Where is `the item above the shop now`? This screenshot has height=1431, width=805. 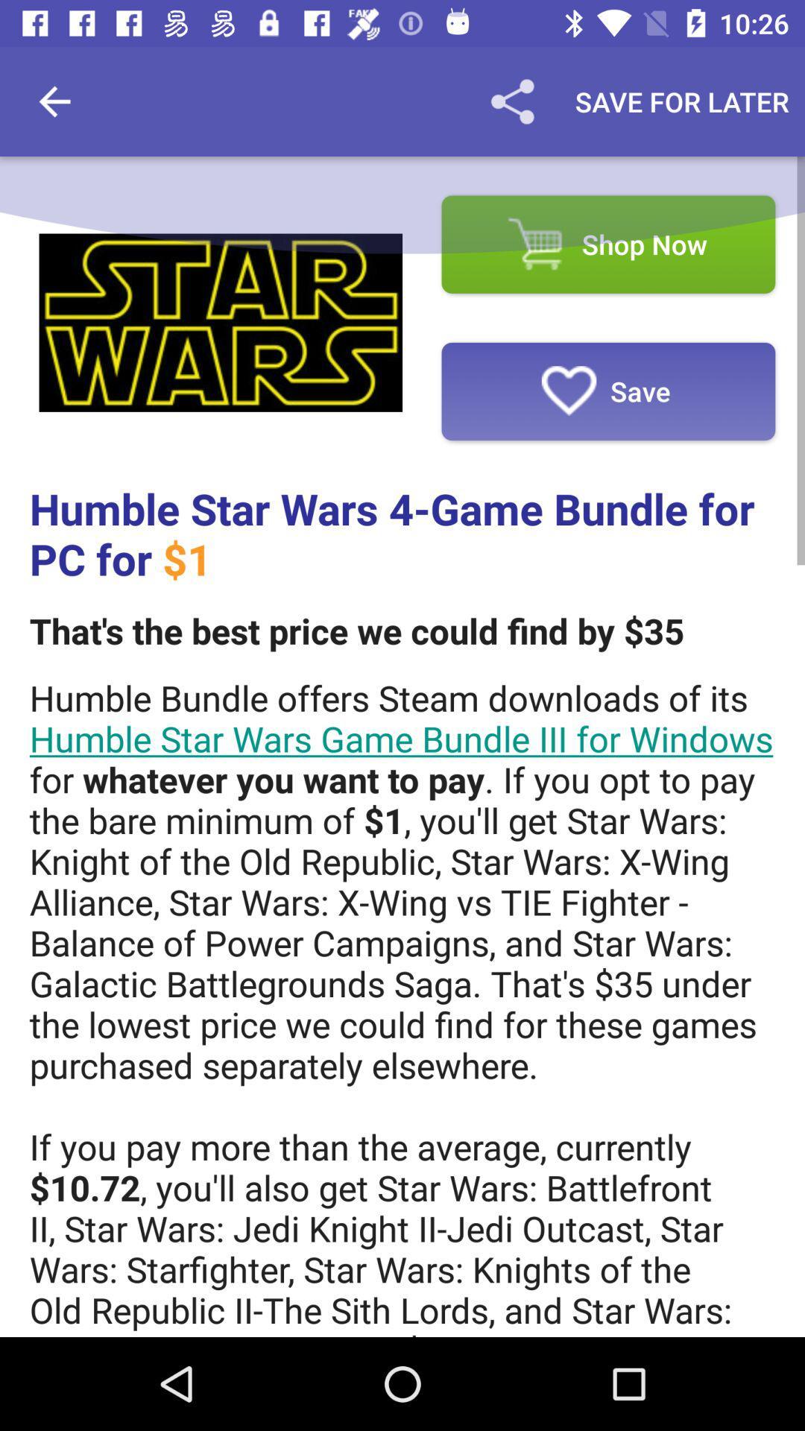 the item above the shop now is located at coordinates (682, 101).